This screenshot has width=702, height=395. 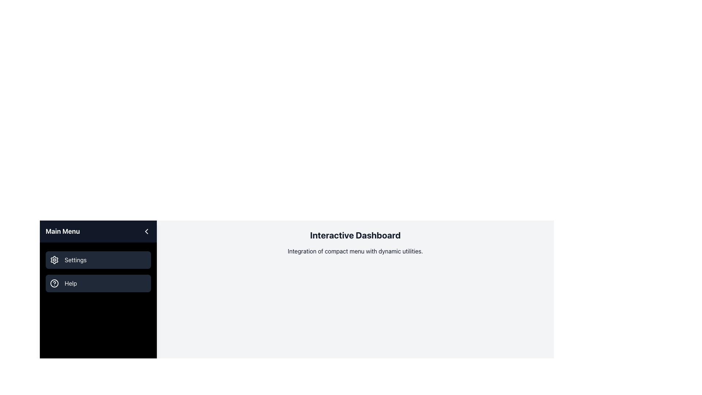 I want to click on the left-facing arrow button located at the top-right corner of the 'Main Menu' header for context actions, so click(x=146, y=231).